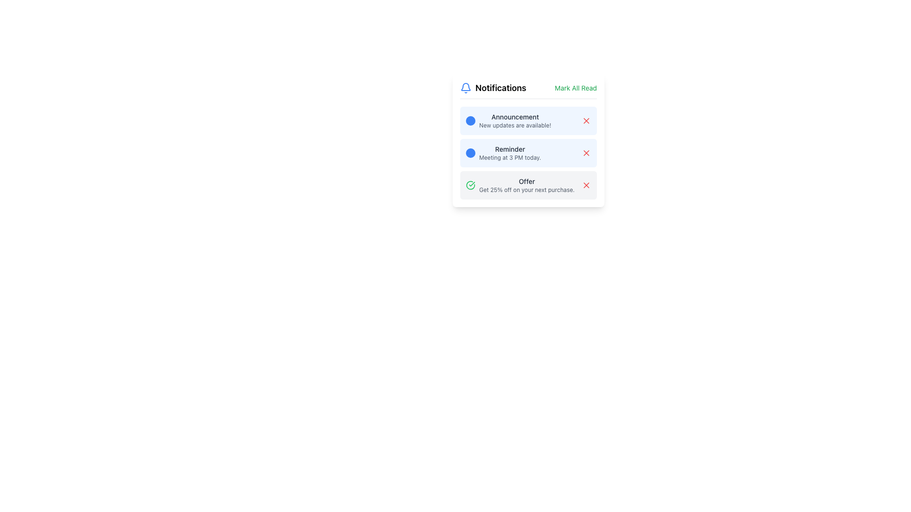  Describe the element at coordinates (514, 120) in the screenshot. I see `text in the notification title and description located at the top of the Notifications panel, adjacent to a circular icon and a close button` at that location.